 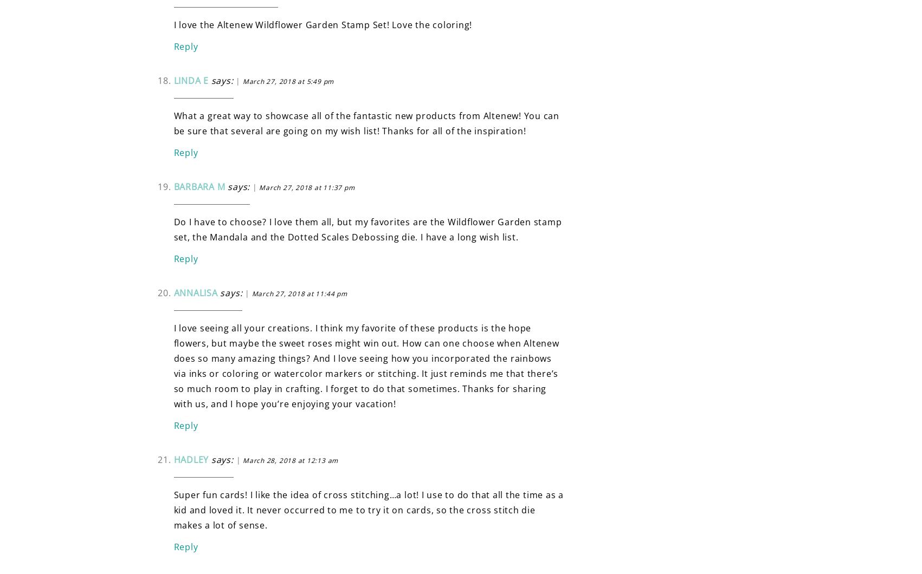 What do you see at coordinates (365, 365) in the screenshot?
I see `'I love seeing all your creations. I think my favorite of these products is the hope flowers, but maybe the sweet roses might win out. How can one choose when Altenew does so many amazing things? And I love seeing how you incorporated the rainbows via inks or coloring or watercolor markers or stitching. It just reminds me that there’s so much room to play in crafting. I forget to do that sometimes. Thanks for sharing with us, and I hope you’re enjoying your vacation!'` at bounding box center [365, 365].